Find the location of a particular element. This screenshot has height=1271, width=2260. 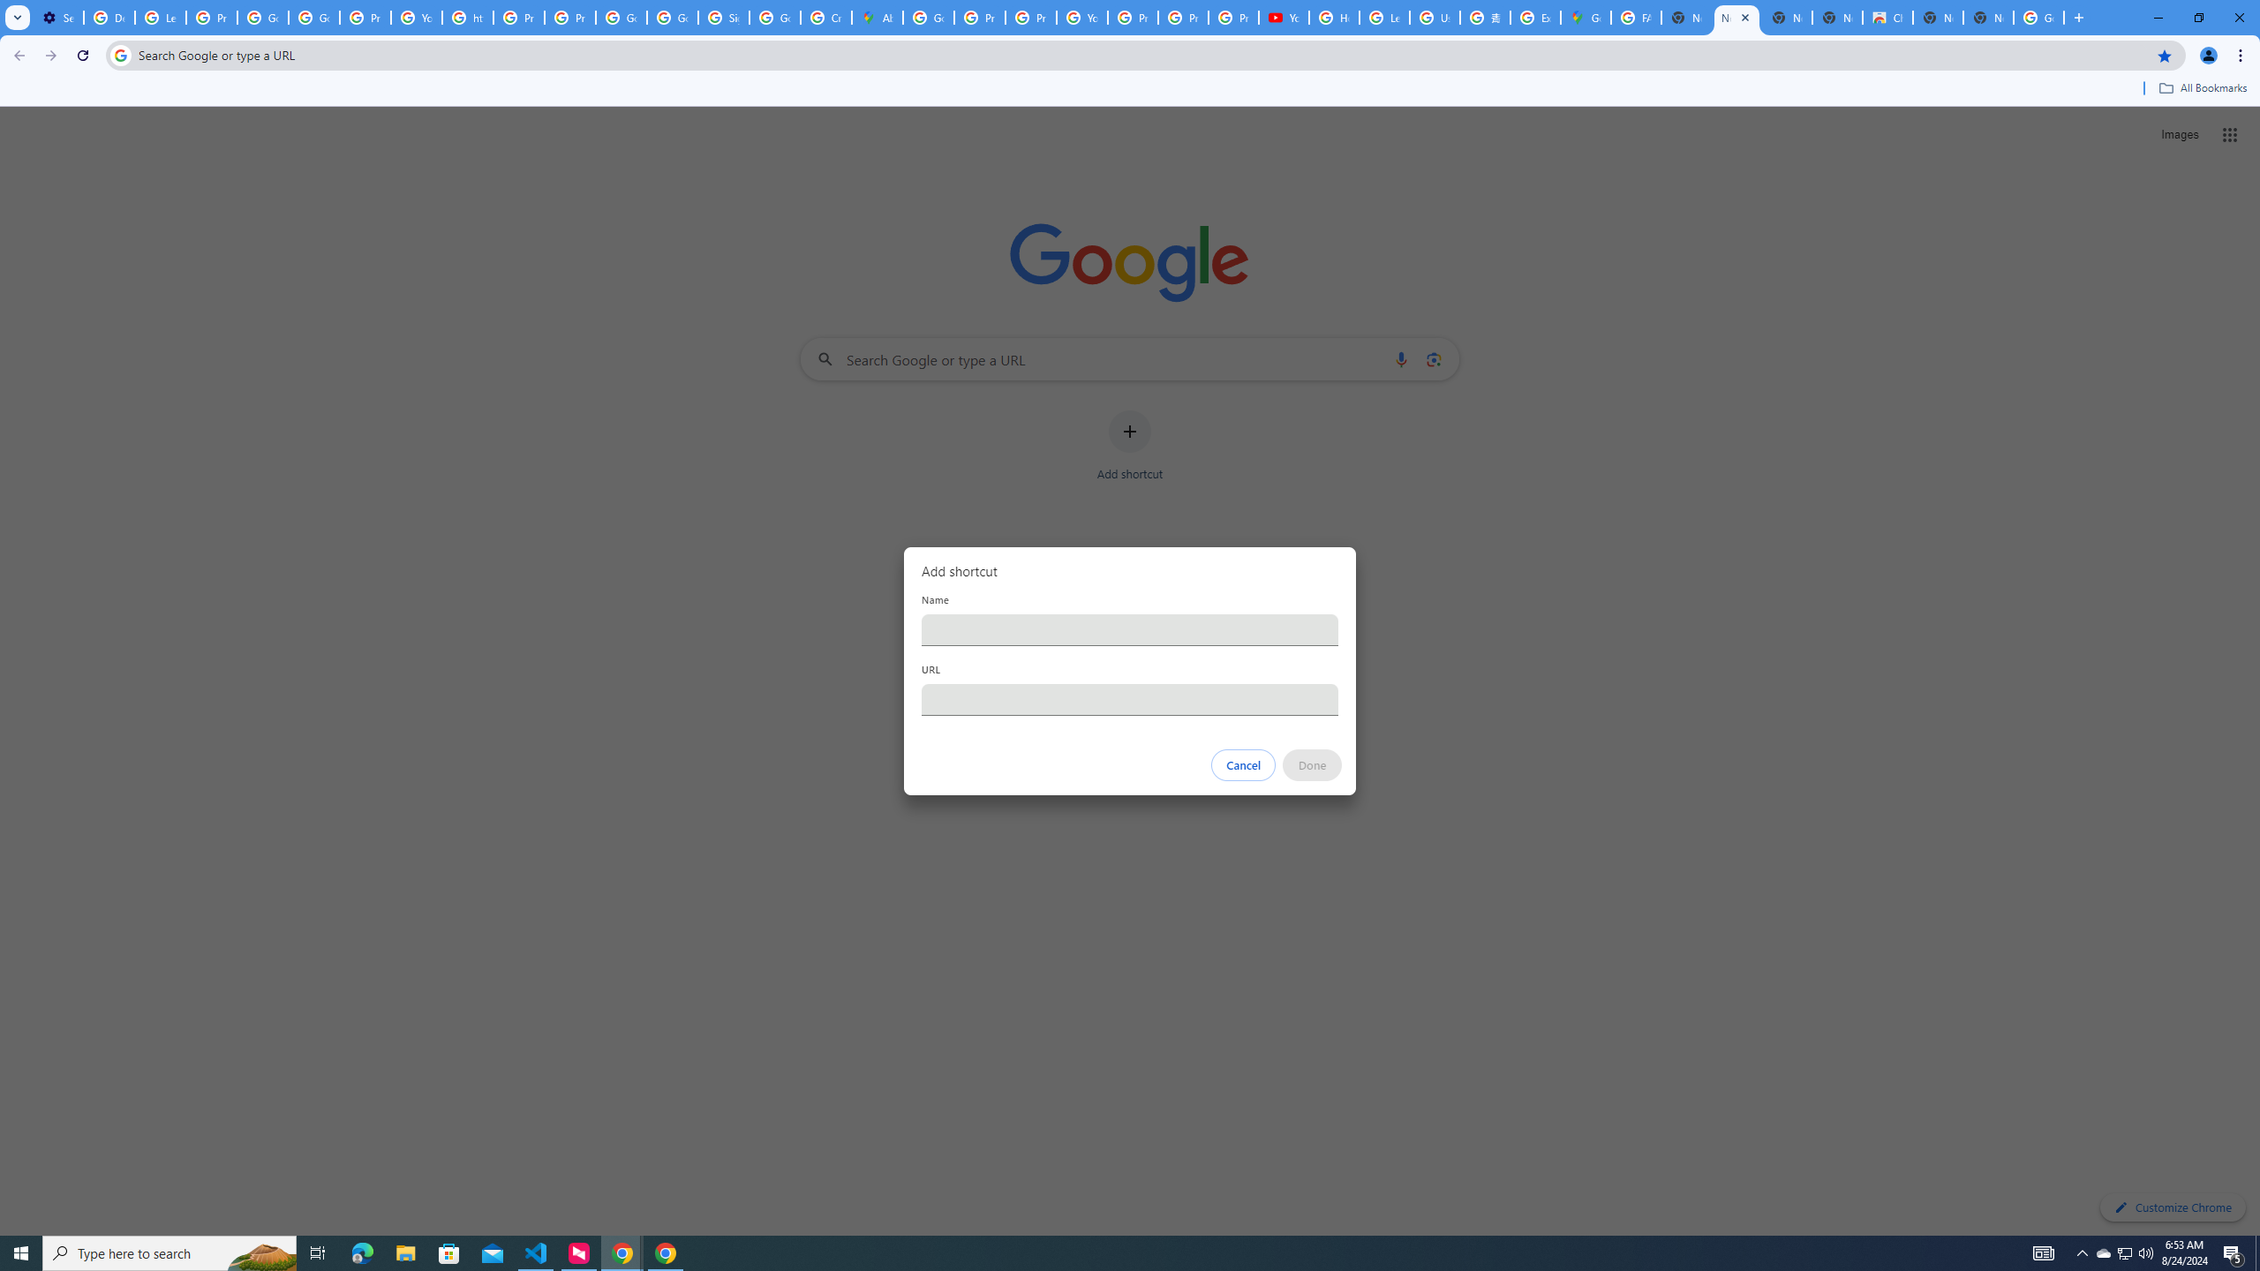

'Google Maps' is located at coordinates (1584, 17).